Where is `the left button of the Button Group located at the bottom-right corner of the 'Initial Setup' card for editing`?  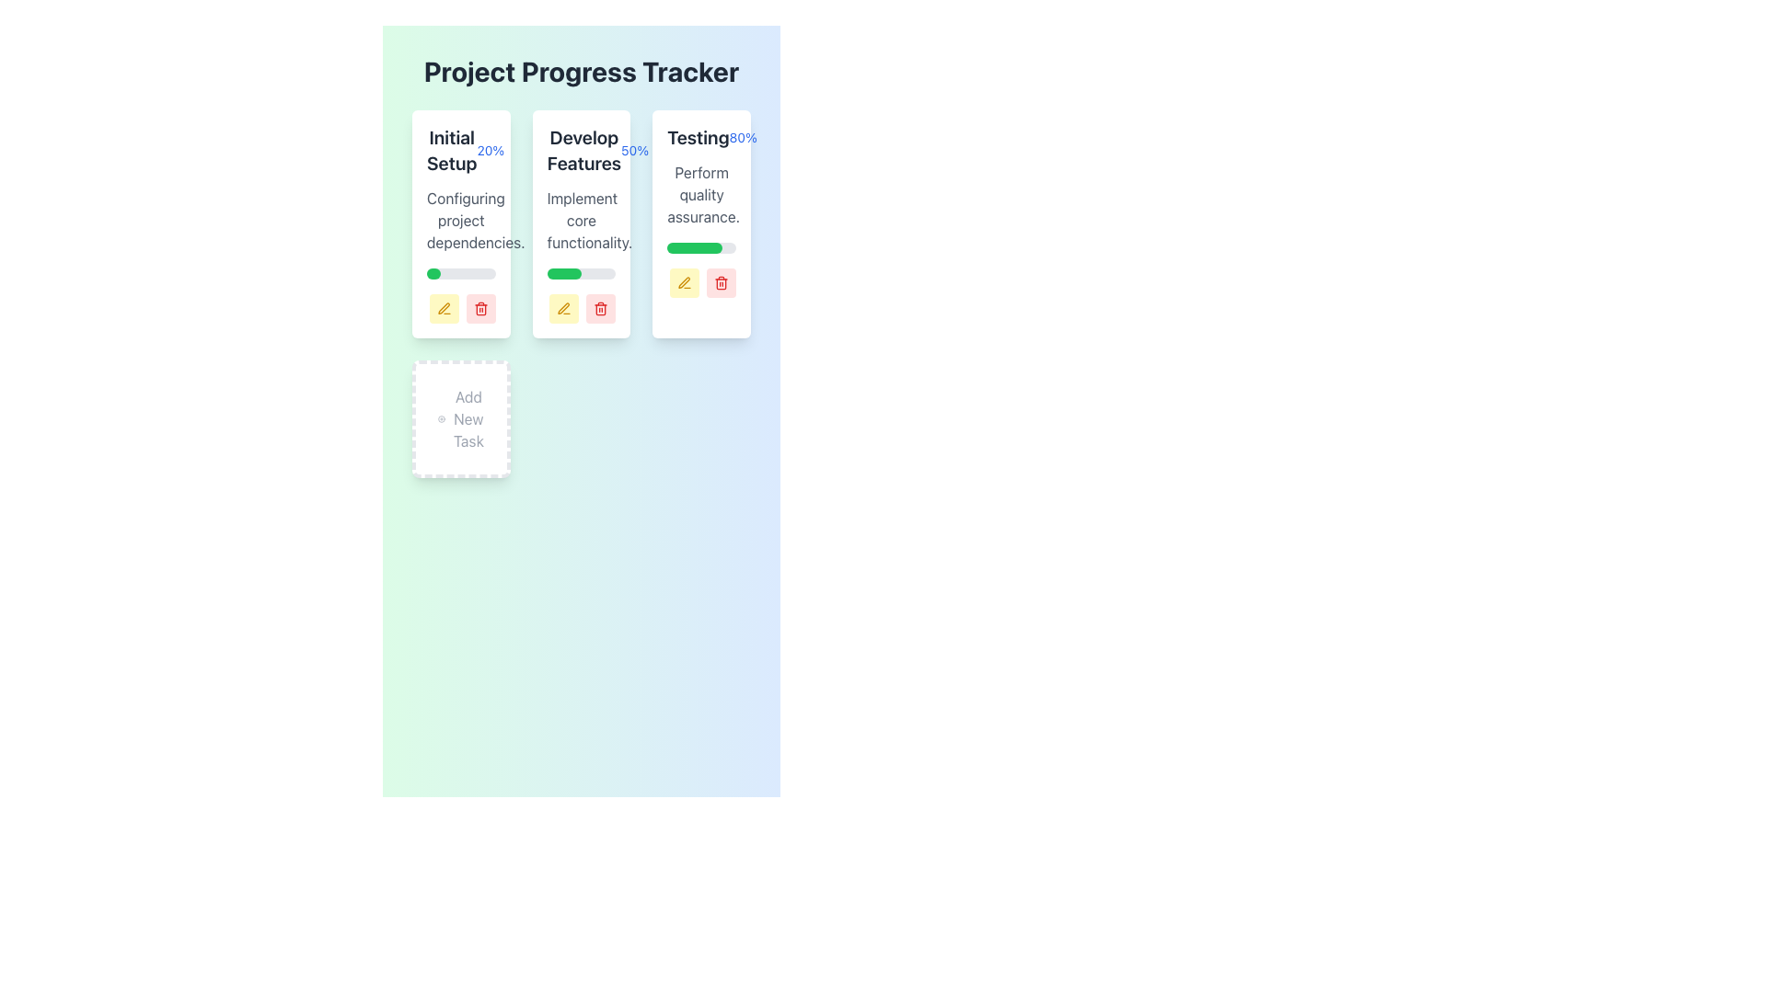 the left button of the Button Group located at the bottom-right corner of the 'Initial Setup' card for editing is located at coordinates (461, 307).